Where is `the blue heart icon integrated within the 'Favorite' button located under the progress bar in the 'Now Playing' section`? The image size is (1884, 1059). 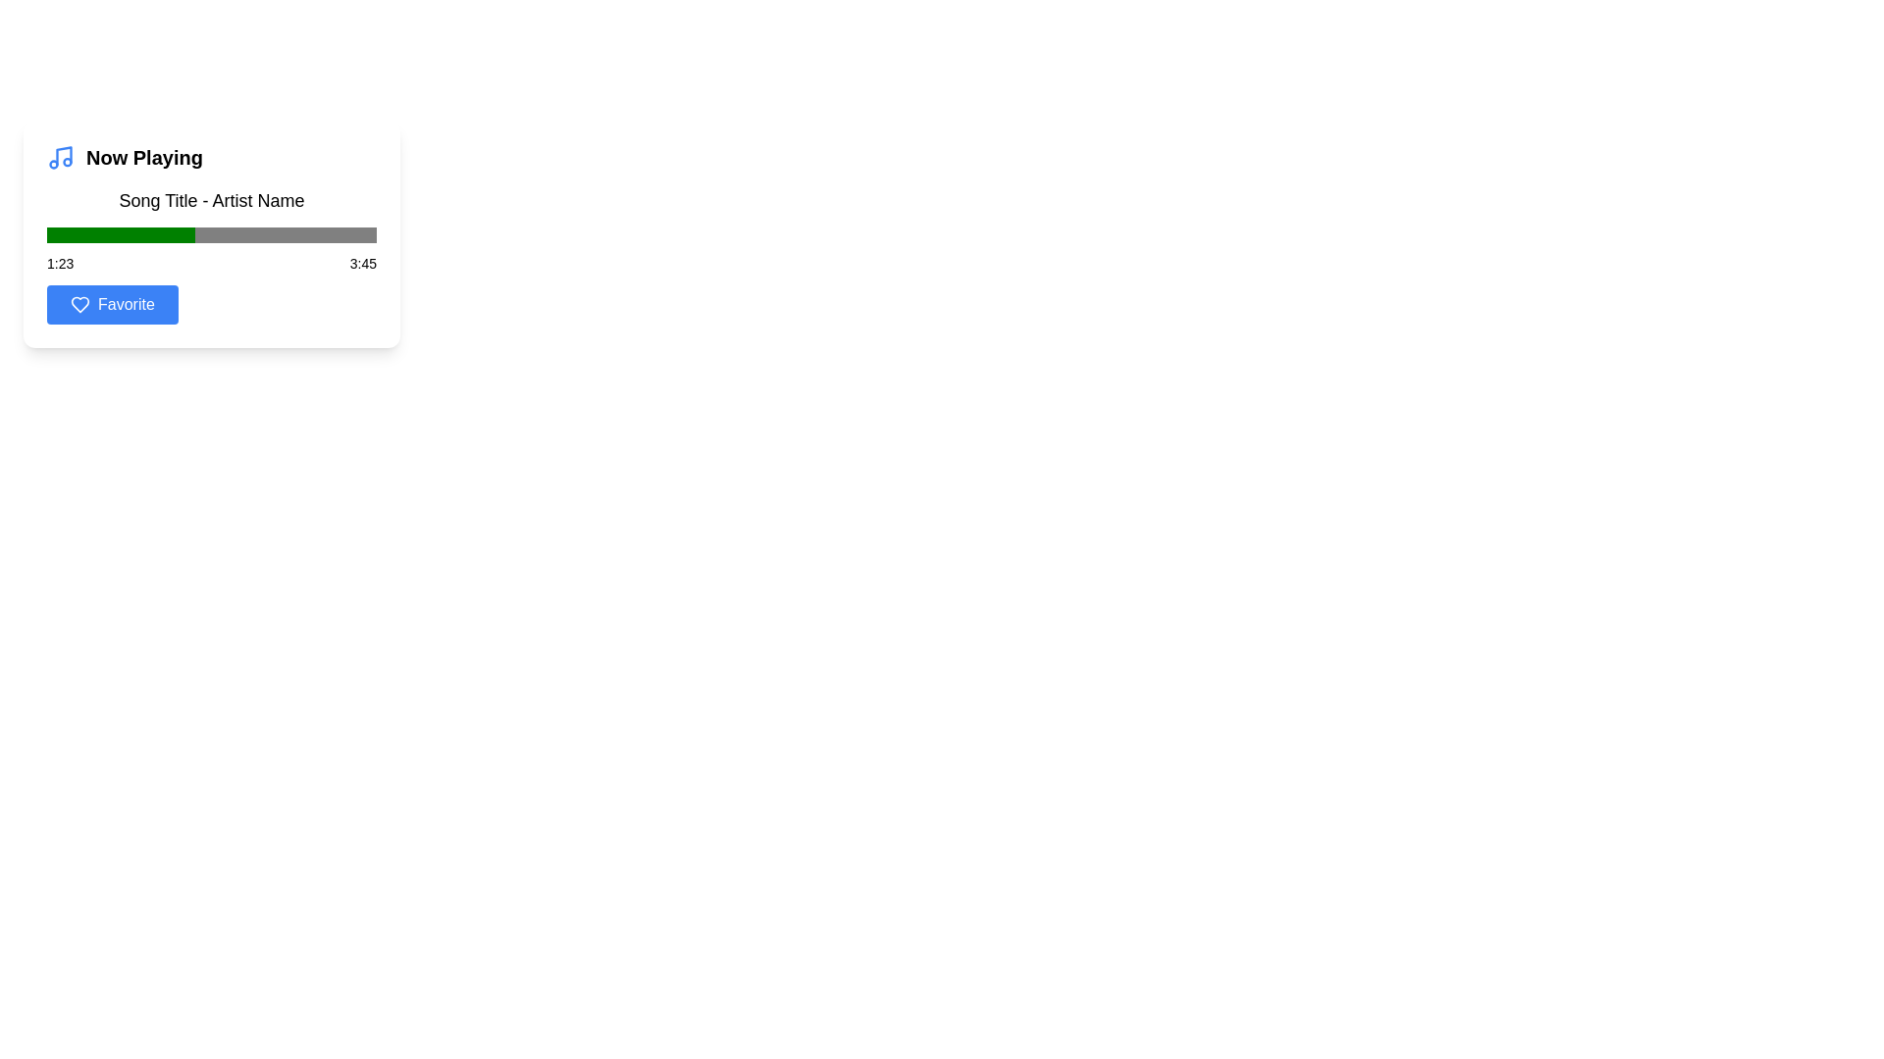 the blue heart icon integrated within the 'Favorite' button located under the progress bar in the 'Now Playing' section is located at coordinates (78, 305).